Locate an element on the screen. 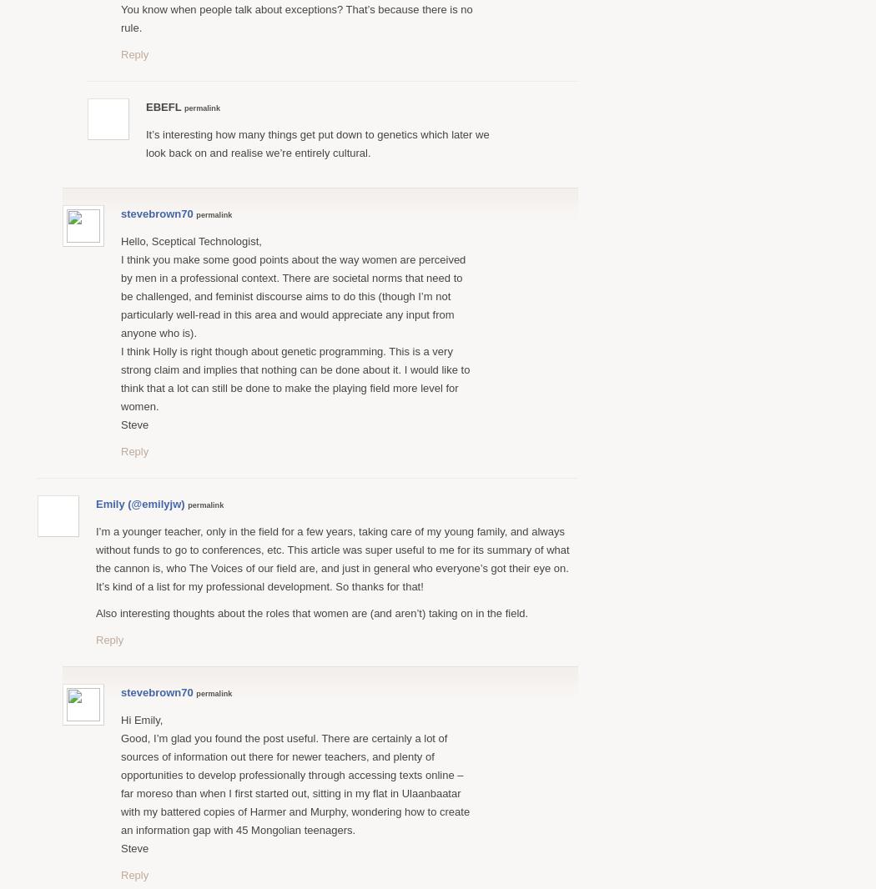  'I’m a younger teacher, only in the field for a few years, taking care of my young family, and always without funds to go to conferences, etc. This article was super useful to me for its summary of what the cannon is, who The Voices of our field are, and just in general who everyone’s got their eye on. It’s kind of a list for my professional development. So thanks for that!' is located at coordinates (332, 557).